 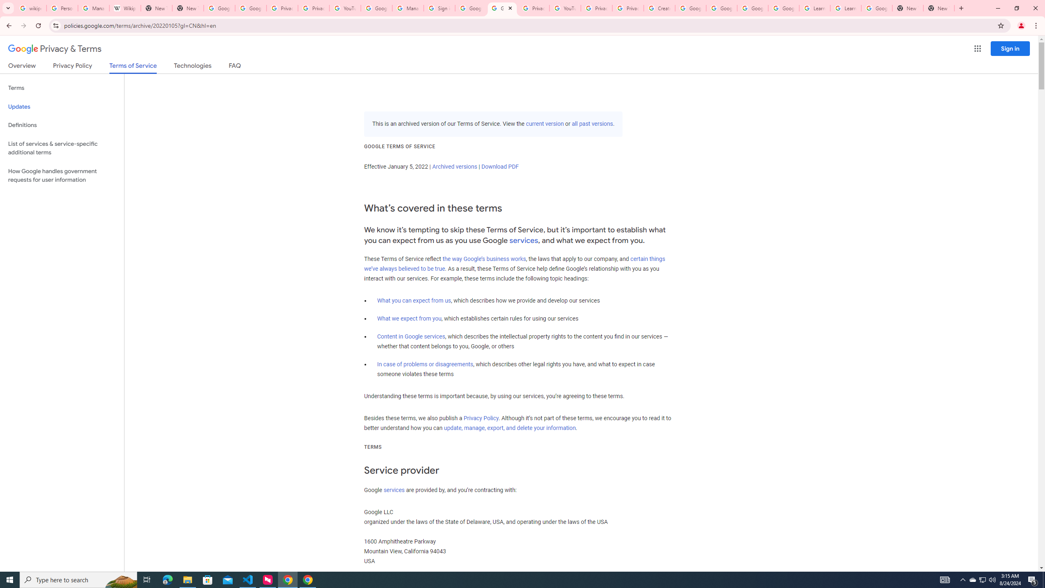 What do you see at coordinates (592, 123) in the screenshot?
I see `'all past versions'` at bounding box center [592, 123].